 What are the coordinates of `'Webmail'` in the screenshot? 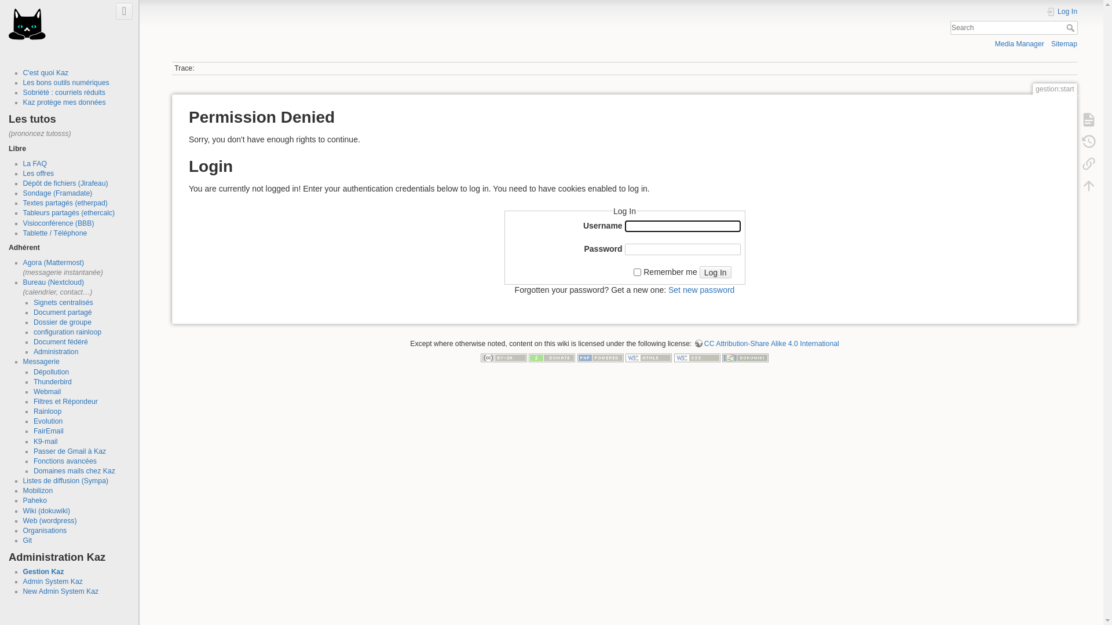 It's located at (46, 391).